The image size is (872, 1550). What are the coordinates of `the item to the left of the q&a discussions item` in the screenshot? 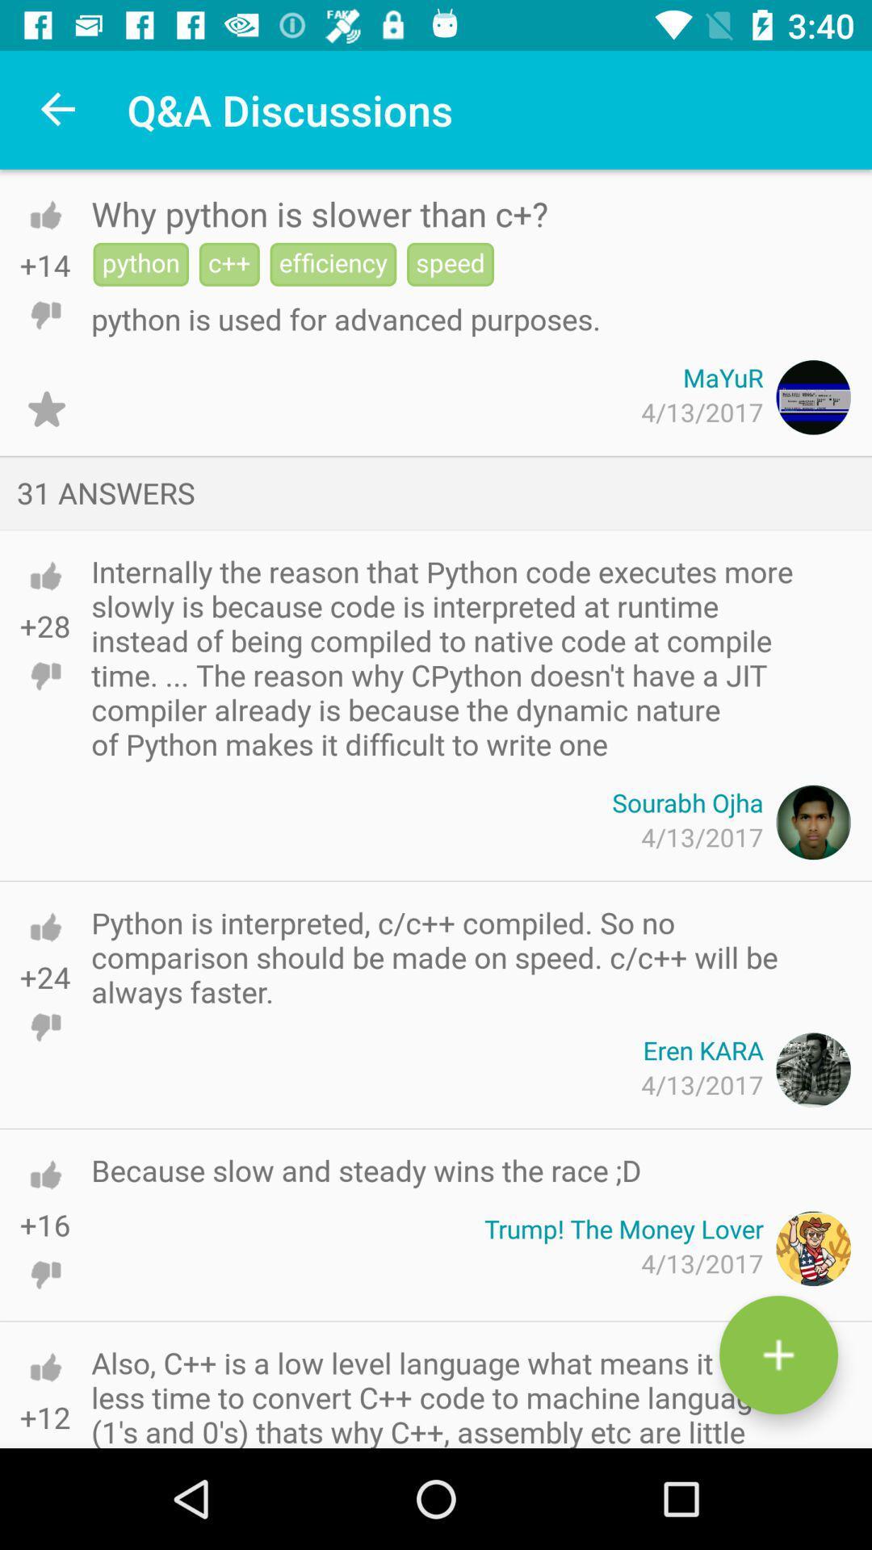 It's located at (58, 109).